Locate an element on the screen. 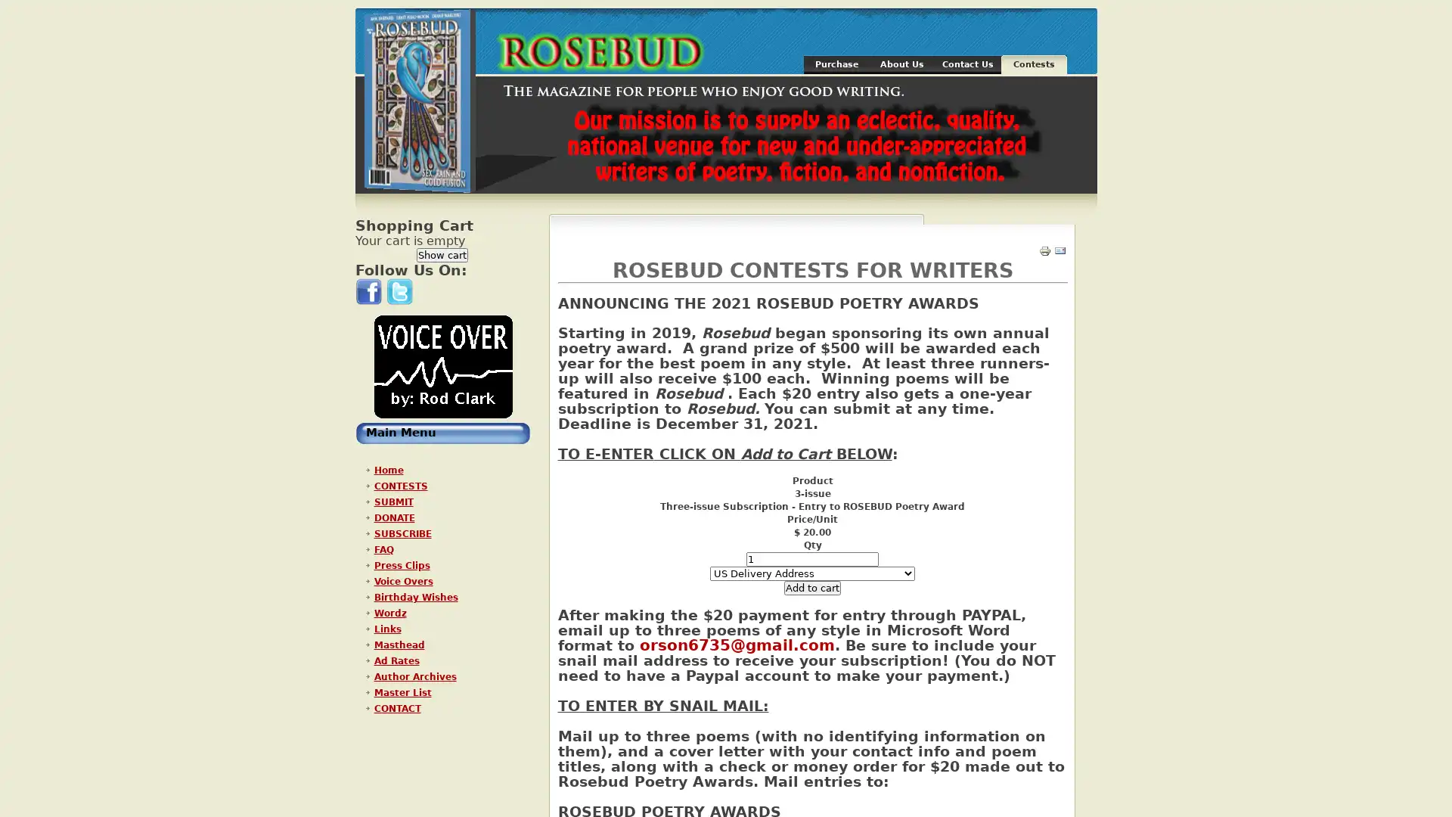  Show cart is located at coordinates (442, 254).